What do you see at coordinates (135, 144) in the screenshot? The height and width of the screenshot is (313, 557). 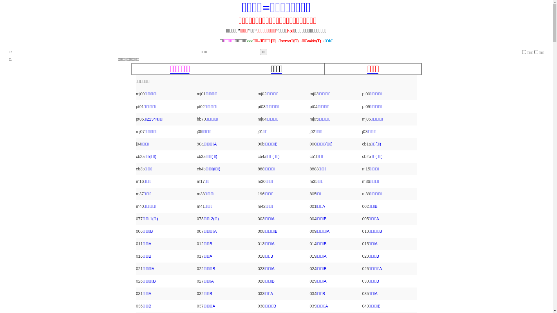 I see `'j04'` at bounding box center [135, 144].